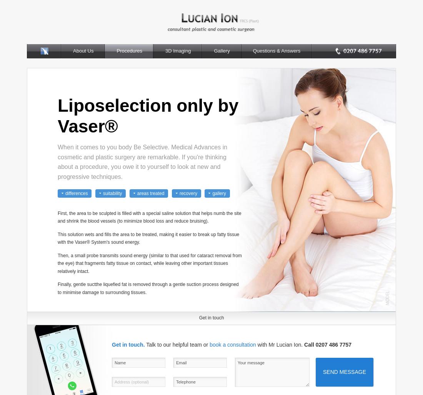 The width and height of the screenshot is (423, 395). What do you see at coordinates (276, 50) in the screenshot?
I see `'Questions & Answers'` at bounding box center [276, 50].